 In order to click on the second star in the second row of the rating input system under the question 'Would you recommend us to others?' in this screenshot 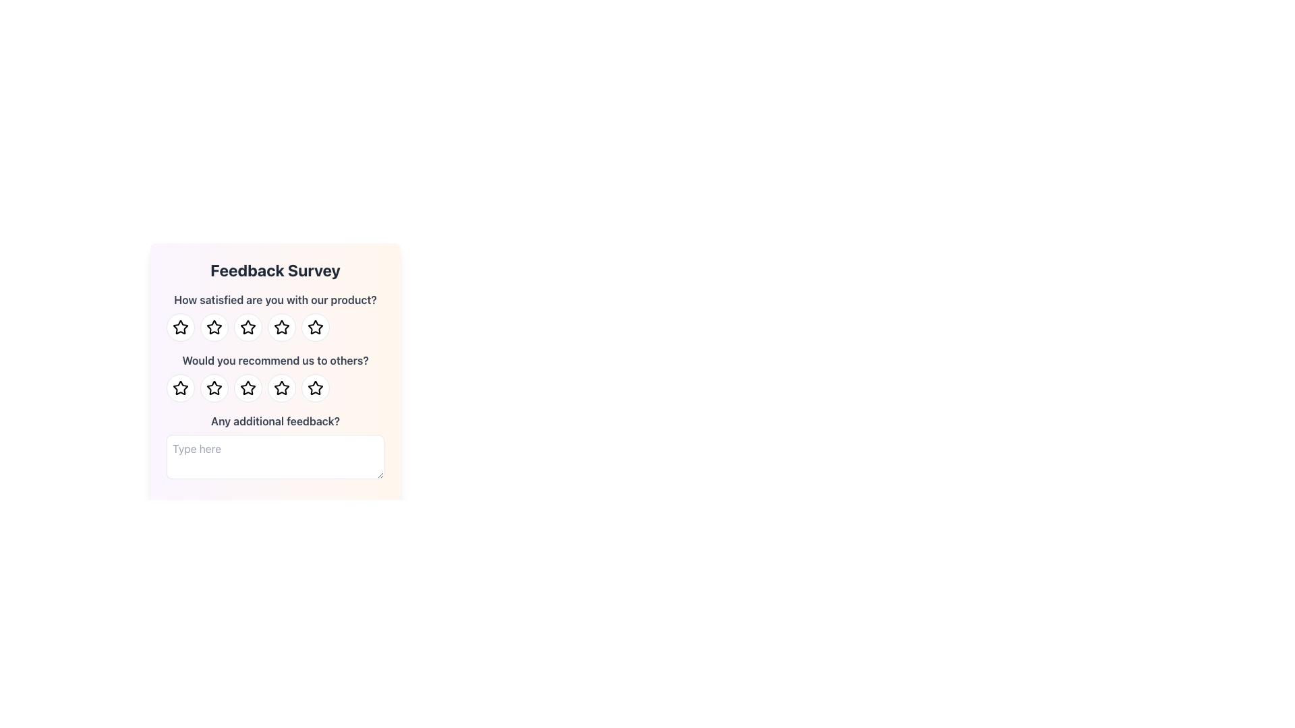, I will do `click(213, 388)`.